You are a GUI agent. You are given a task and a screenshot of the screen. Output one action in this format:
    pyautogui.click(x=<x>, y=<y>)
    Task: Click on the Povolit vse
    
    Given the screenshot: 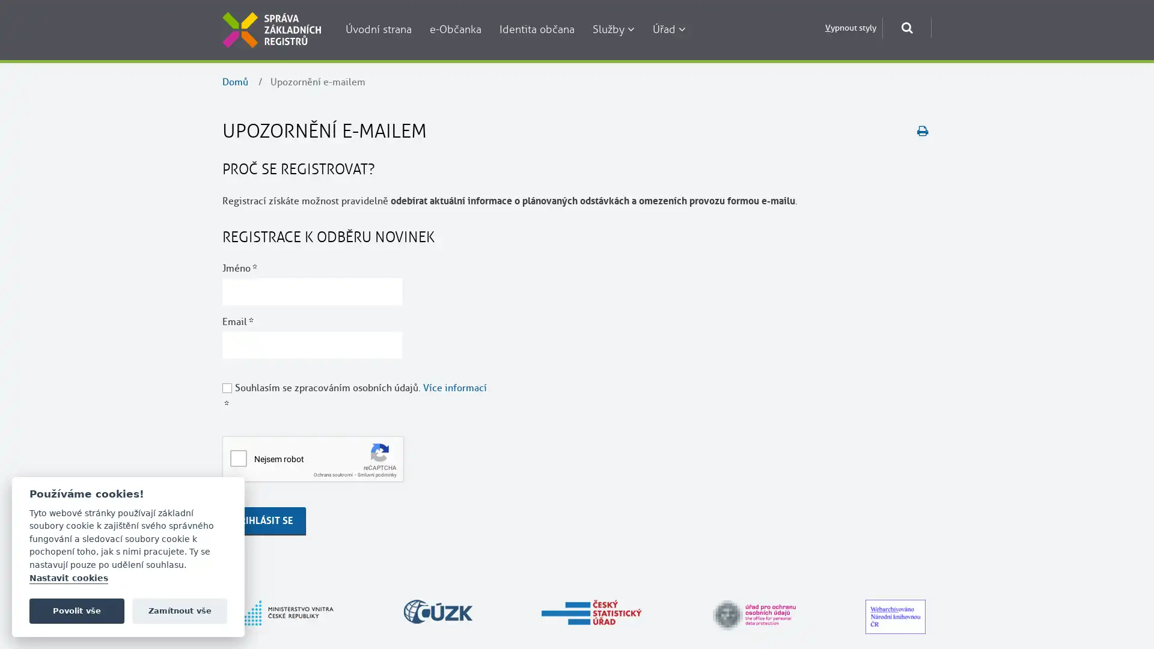 What is the action you would take?
    pyautogui.click(x=76, y=610)
    